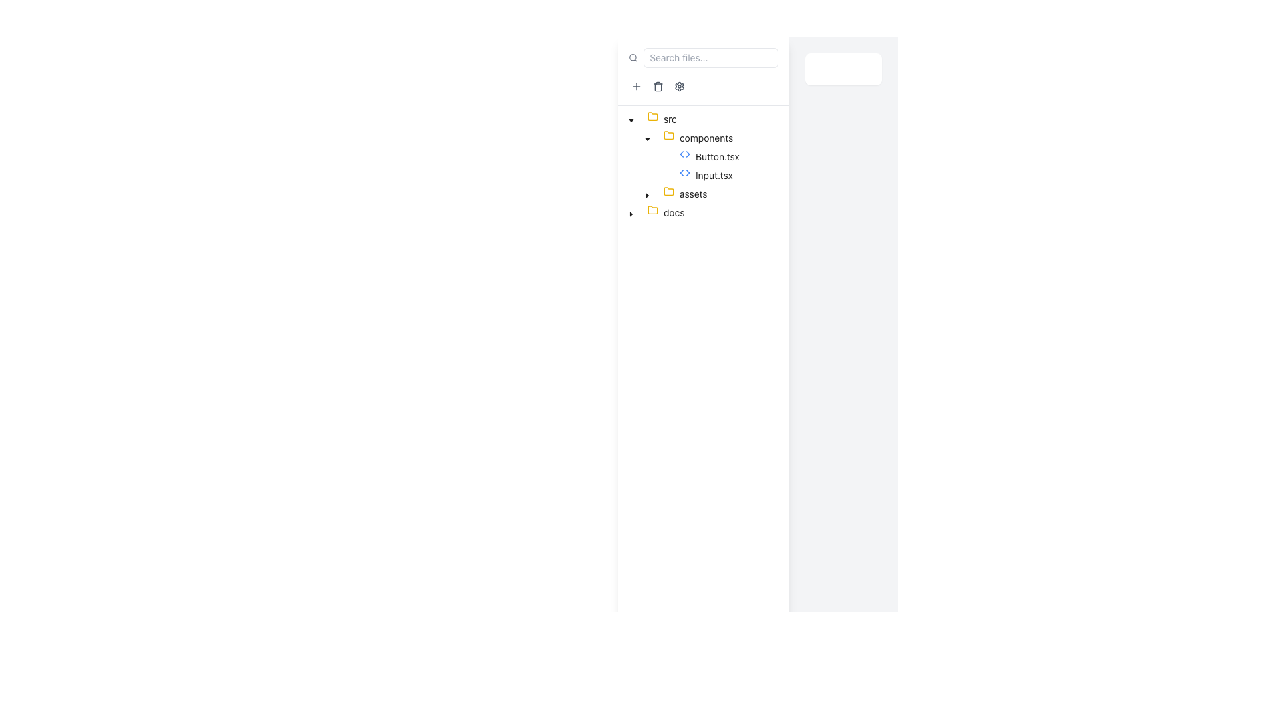 The width and height of the screenshot is (1283, 721). I want to click on the settings button located at the third slot among a row of evenly spaced buttons, positioned to the right of the trash icon and plus icon, so click(680, 87).